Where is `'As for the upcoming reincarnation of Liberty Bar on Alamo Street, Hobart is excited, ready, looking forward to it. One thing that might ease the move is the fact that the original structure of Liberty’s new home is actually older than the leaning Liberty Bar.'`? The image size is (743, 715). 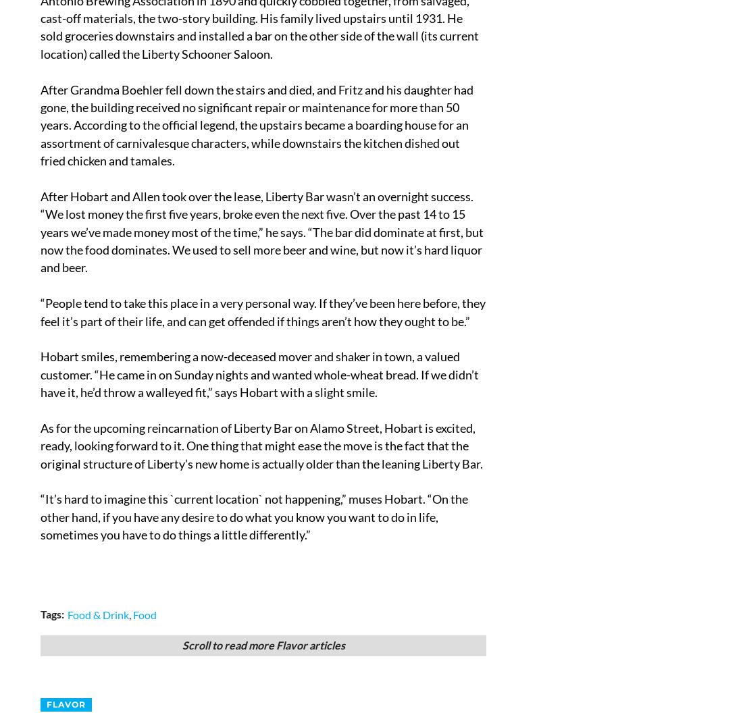 'As for the upcoming reincarnation of Liberty Bar on Alamo Street, Hobart is excited, ready, looking forward to it. One thing that might ease the move is the fact that the original structure of Liberty’s new home is actually older than the leaning Liberty Bar.' is located at coordinates (261, 445).